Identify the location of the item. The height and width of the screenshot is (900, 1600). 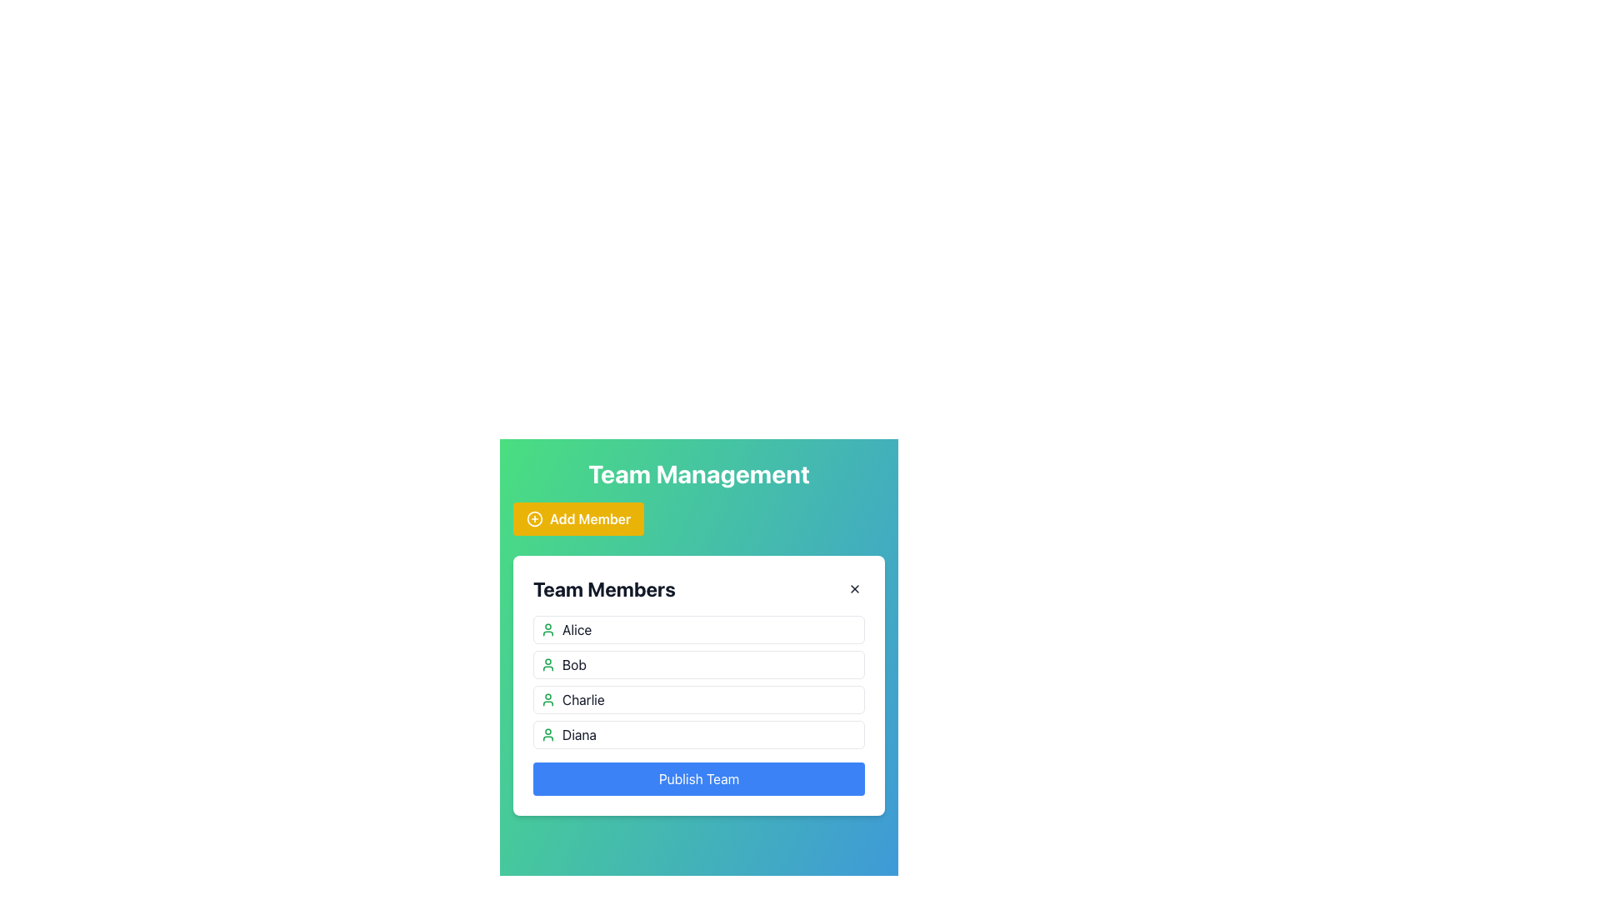
(699, 682).